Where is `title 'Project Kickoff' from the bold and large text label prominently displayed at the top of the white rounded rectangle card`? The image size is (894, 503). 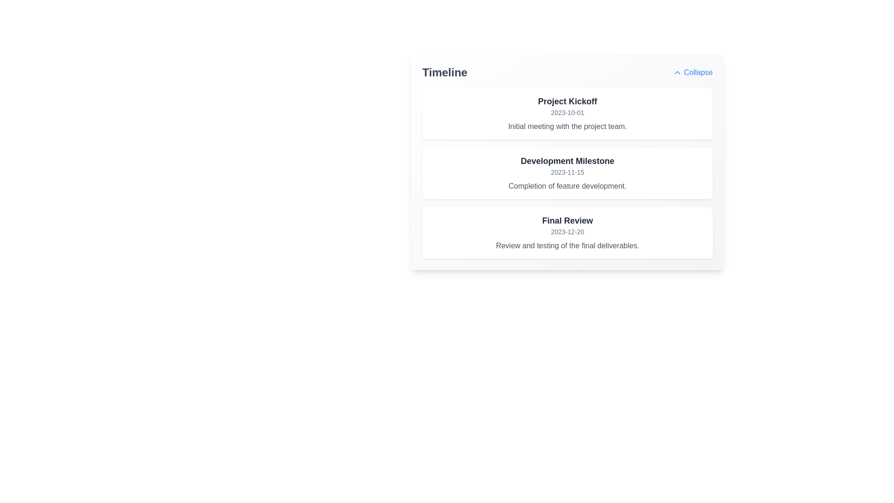
title 'Project Kickoff' from the bold and large text label prominently displayed at the top of the white rounded rectangle card is located at coordinates (567, 102).